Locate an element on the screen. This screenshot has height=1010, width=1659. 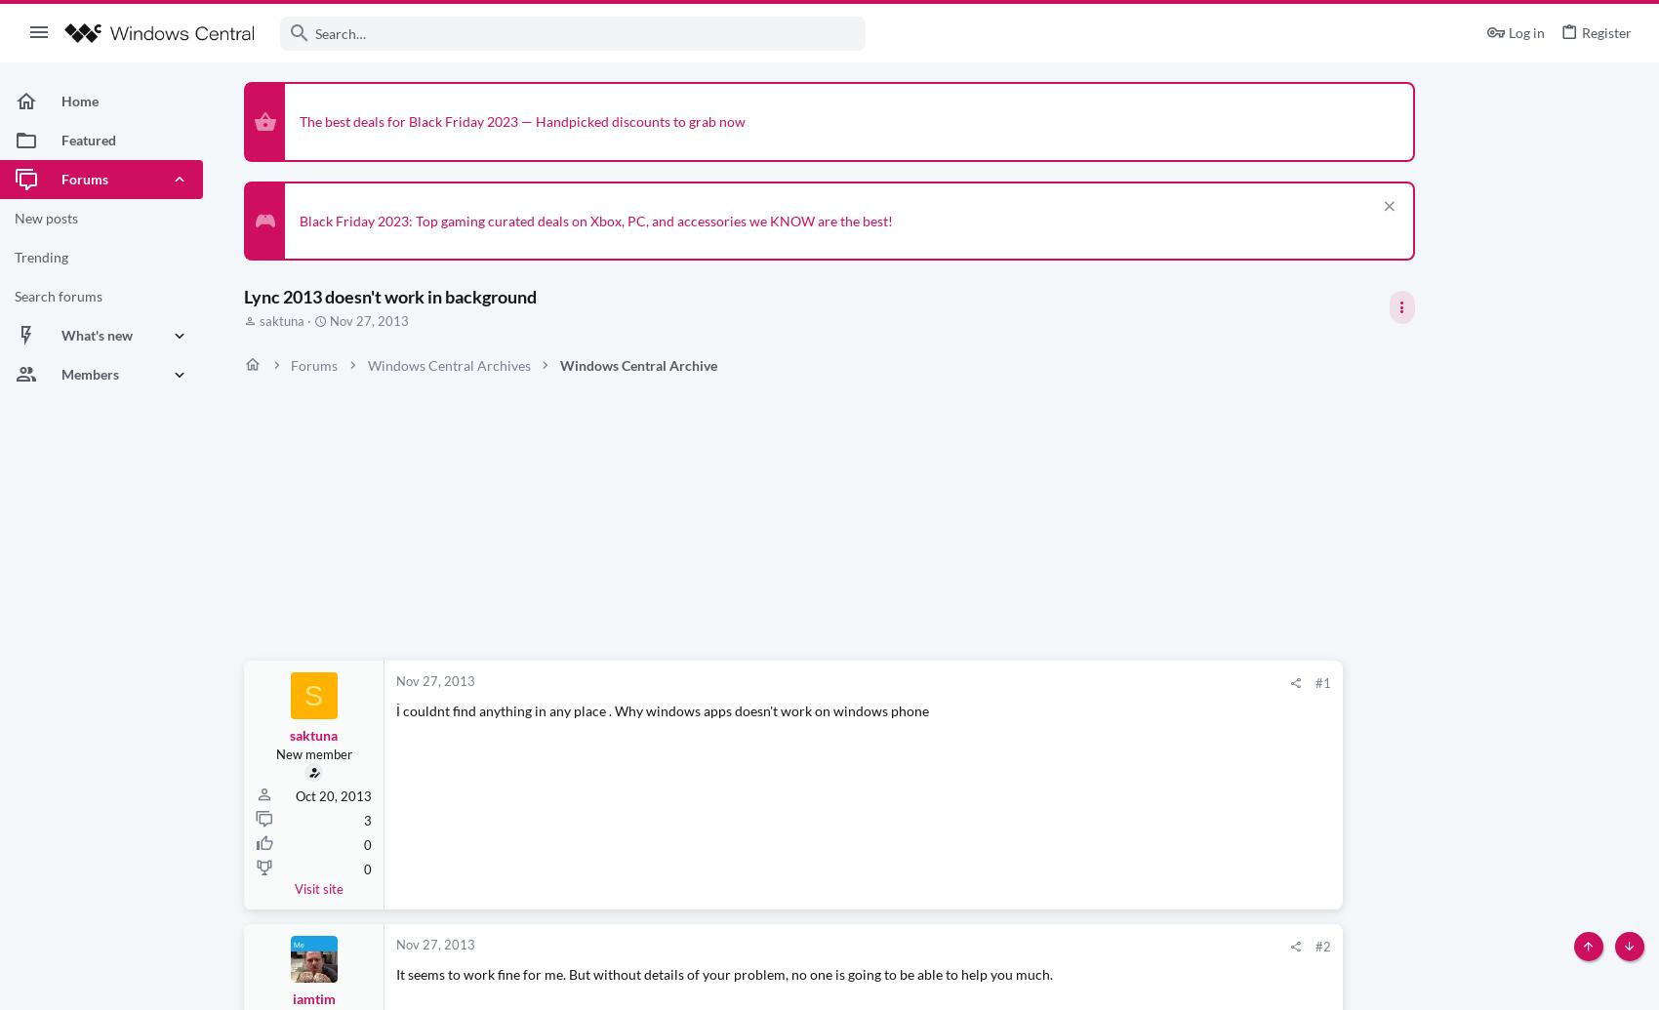
'Members' is located at coordinates (90, 374).